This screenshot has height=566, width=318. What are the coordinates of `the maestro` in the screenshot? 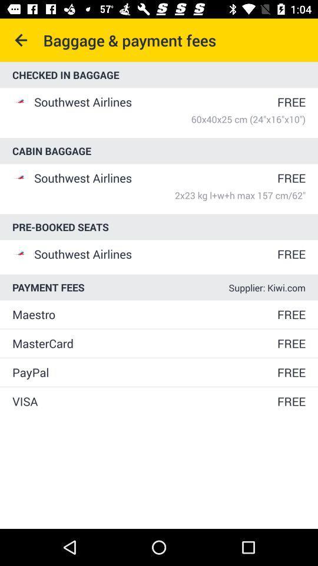 It's located at (144, 314).